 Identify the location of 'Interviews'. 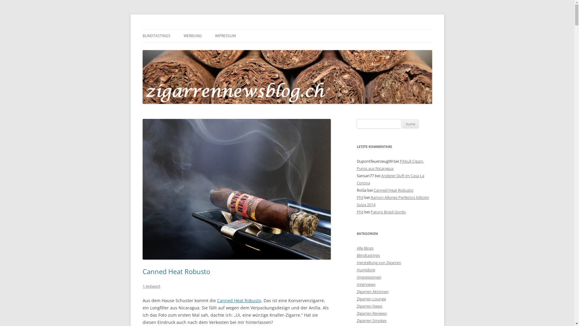
(365, 284).